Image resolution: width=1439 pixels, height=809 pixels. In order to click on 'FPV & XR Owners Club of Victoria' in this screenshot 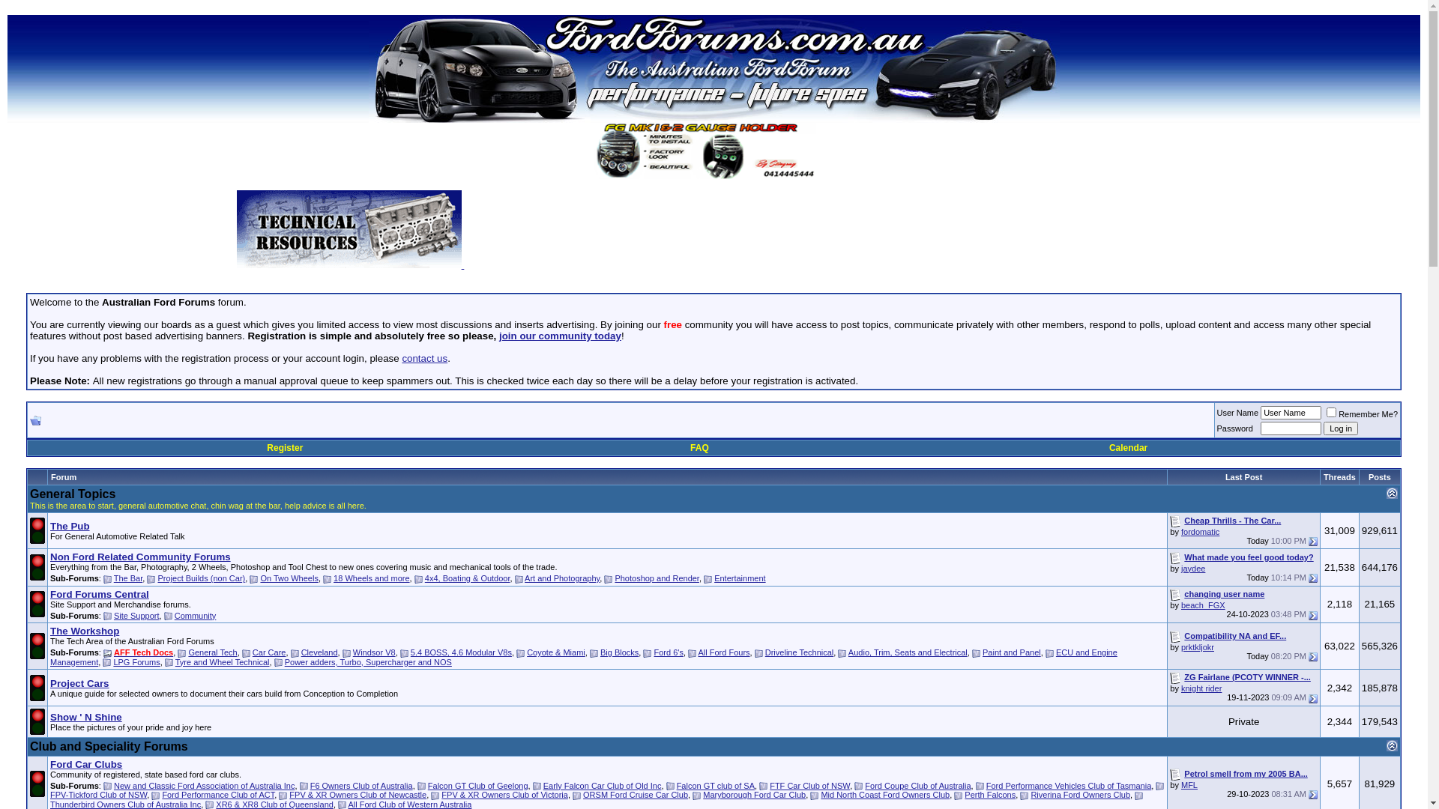, I will do `click(504, 793)`.